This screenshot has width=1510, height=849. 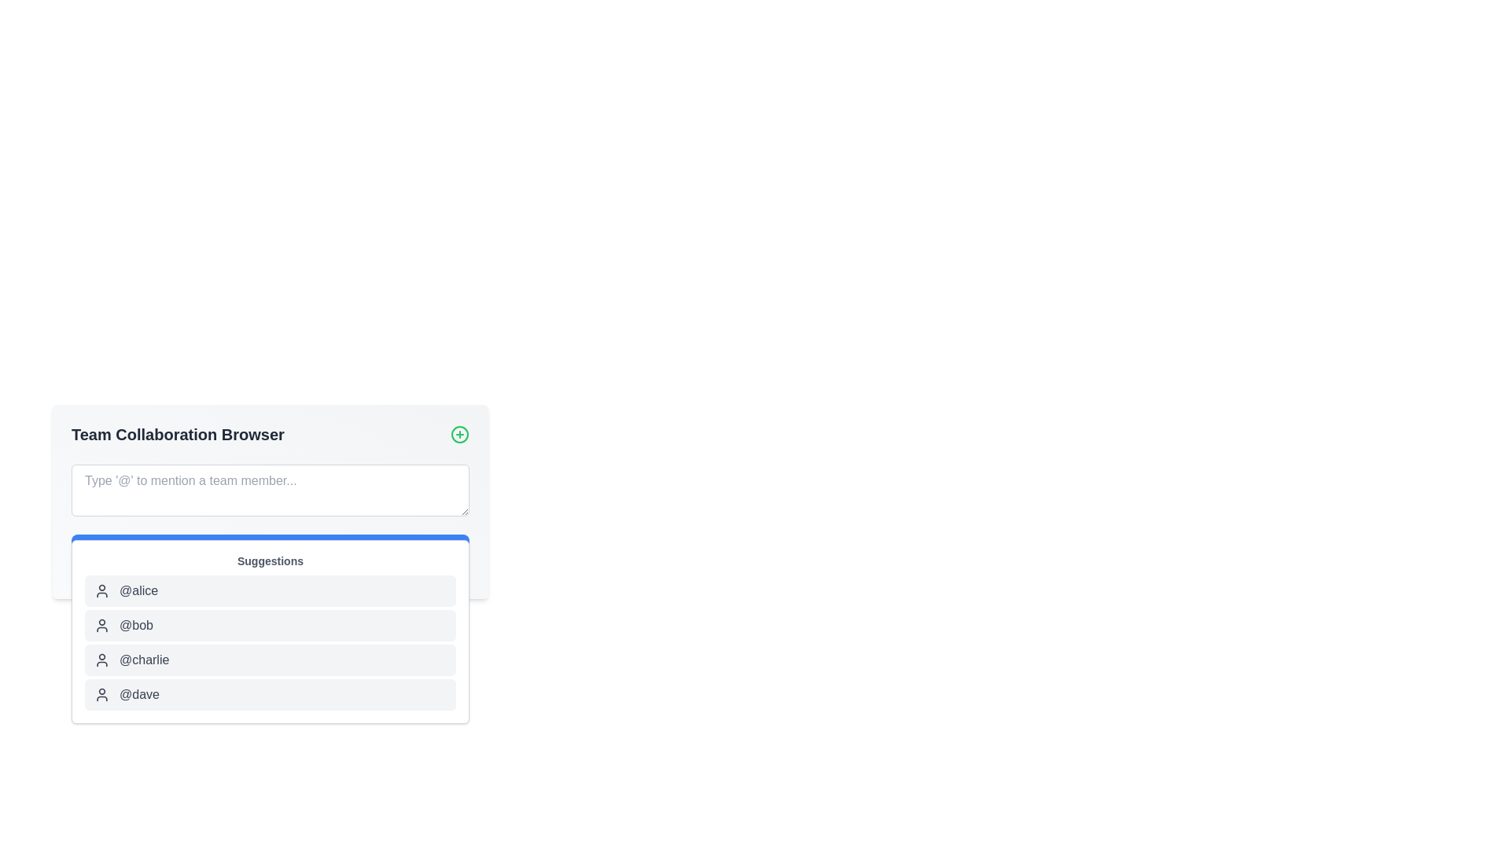 I want to click on the small upward-pointing chevron icon next to the 'Hide Suggestions' text, so click(x=234, y=567).